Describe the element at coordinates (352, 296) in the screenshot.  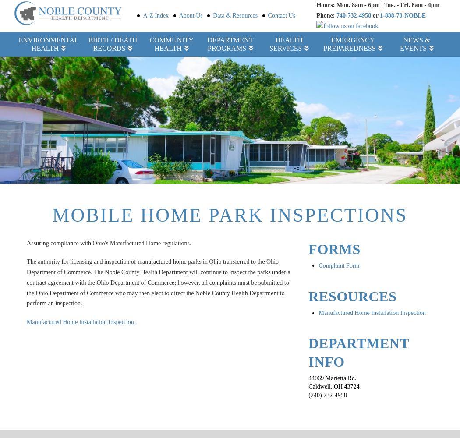
I see `'Resources'` at that location.